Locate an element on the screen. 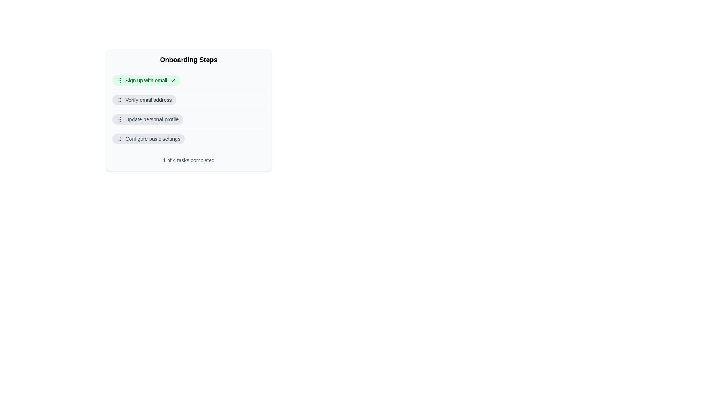  the draggable handle icon located to the left of the 'Sign up with email' text within the topmost button of the 'Onboarding Steps' list is located at coordinates (119, 81).